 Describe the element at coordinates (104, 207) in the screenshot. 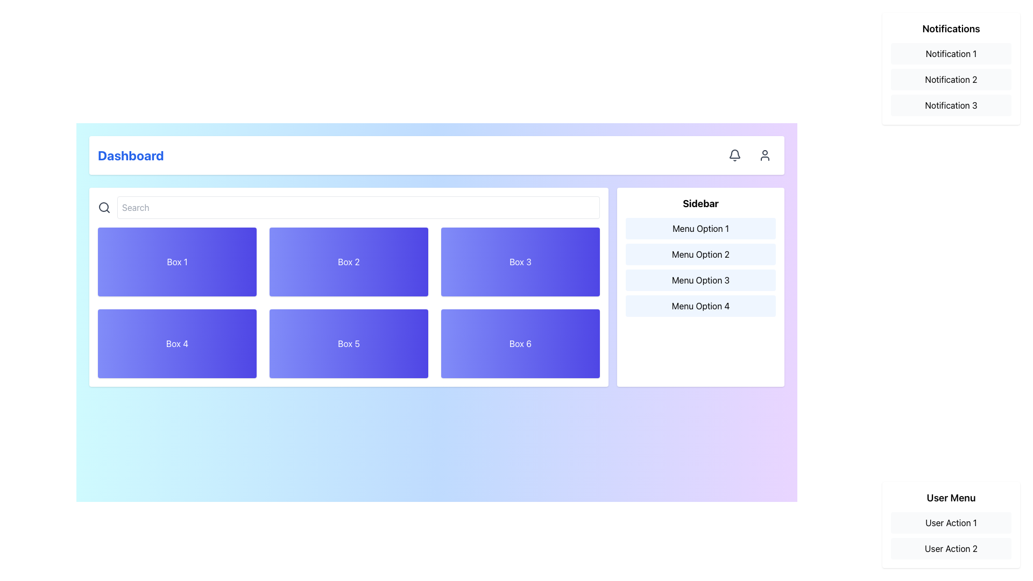

I see `the search icon, which is a stylized magnifying glass outlined in dark gray, located prominently to the far-left of the 'Search' input field in the search bar` at that location.